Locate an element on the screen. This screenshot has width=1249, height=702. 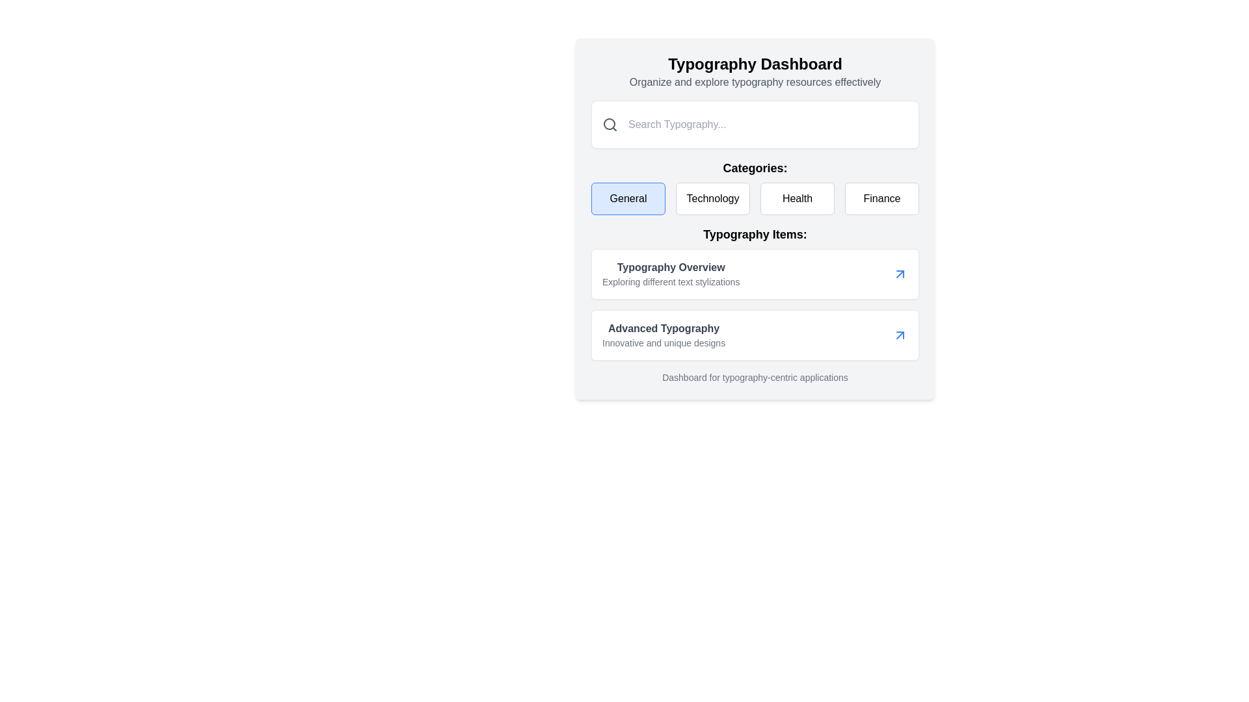
the text label that serves as a descriptive or informational label for the application dashboard, located below the sections labeled 'Typography Items' is located at coordinates (755, 378).